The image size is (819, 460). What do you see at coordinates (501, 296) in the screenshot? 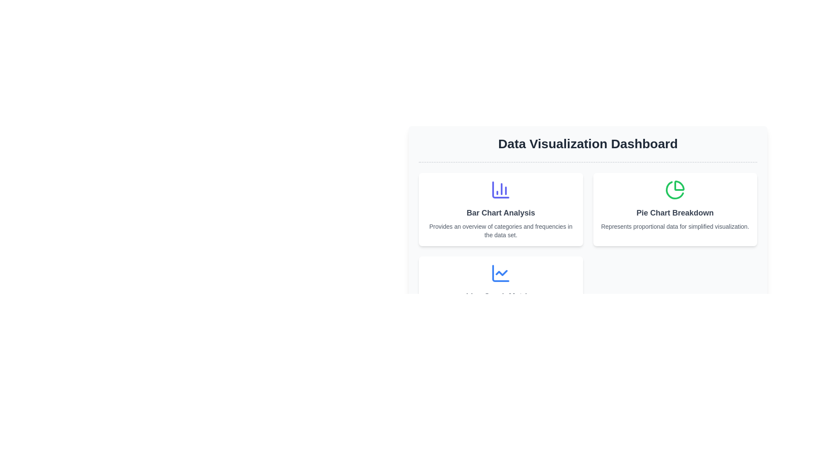
I see `label displaying 'Line Graph Metrics', which is a bold text located below the line graph icon and above the descriptive text` at bounding box center [501, 296].